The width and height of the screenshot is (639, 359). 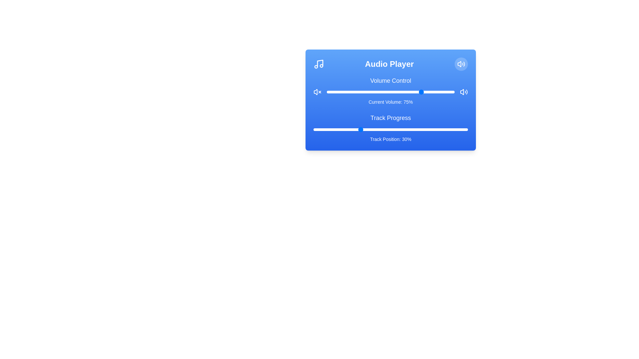 I want to click on volume, so click(x=368, y=92).